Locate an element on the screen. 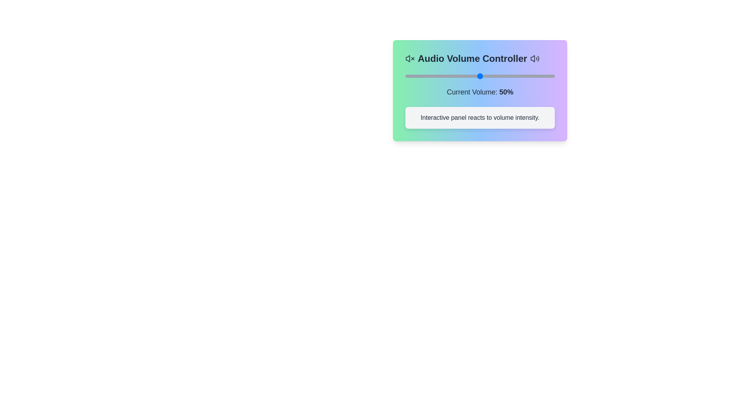 This screenshot has height=420, width=747. the volume slider to 15% is located at coordinates (427, 76).